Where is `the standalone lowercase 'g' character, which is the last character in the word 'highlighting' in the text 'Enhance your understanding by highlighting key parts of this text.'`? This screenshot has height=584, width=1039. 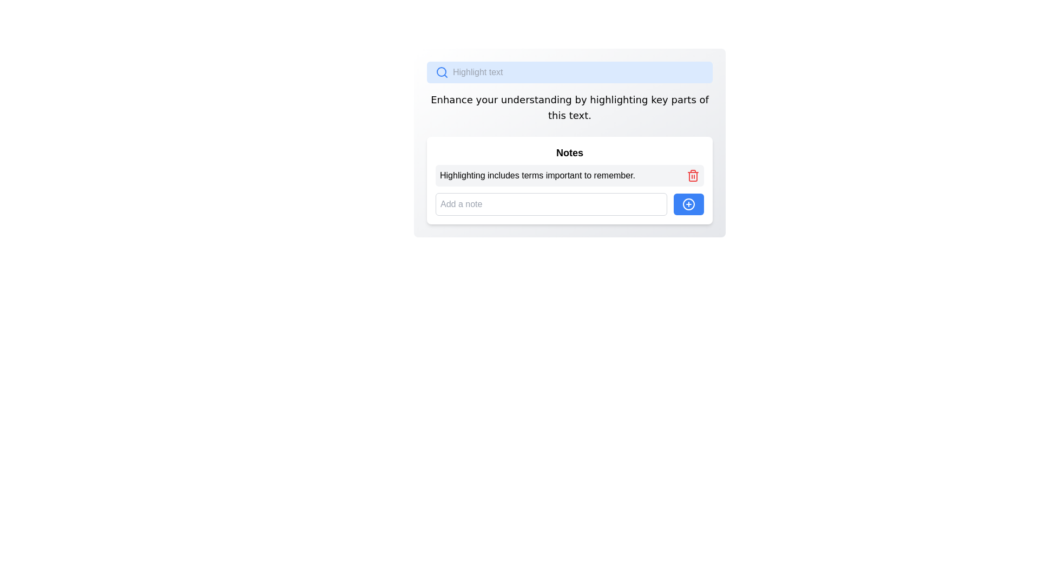
the standalone lowercase 'g' character, which is the last character in the word 'highlighting' in the text 'Enhance your understanding by highlighting key parts of this text.' is located at coordinates (645, 99).